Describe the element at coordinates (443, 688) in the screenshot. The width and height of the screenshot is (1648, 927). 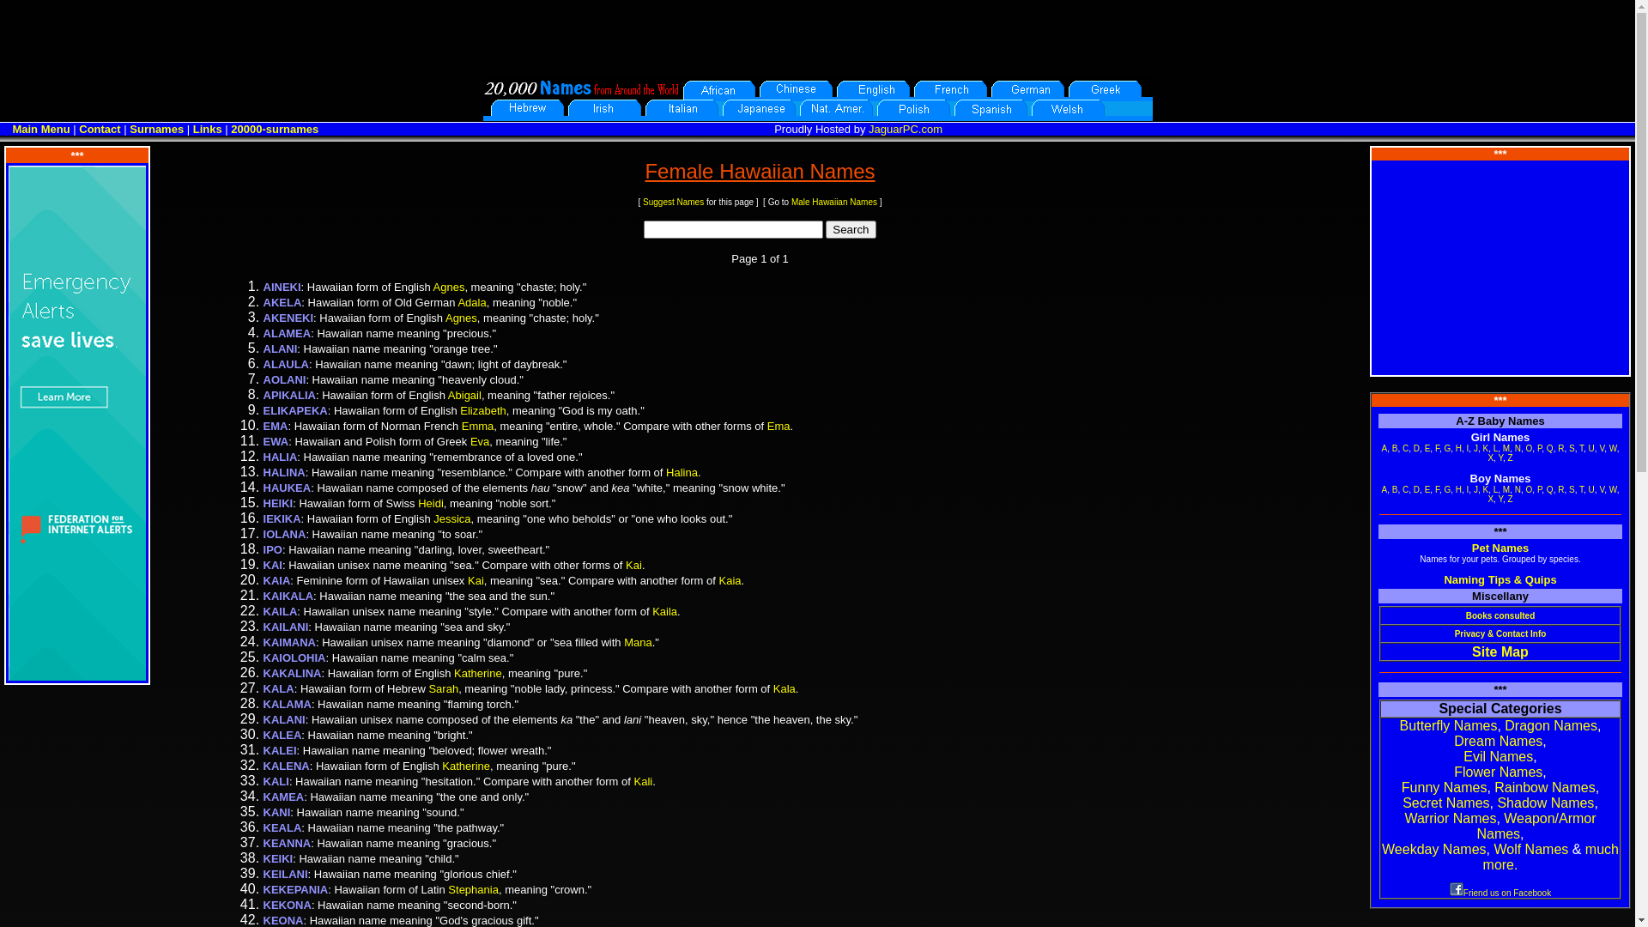
I see `'Sarah'` at that location.